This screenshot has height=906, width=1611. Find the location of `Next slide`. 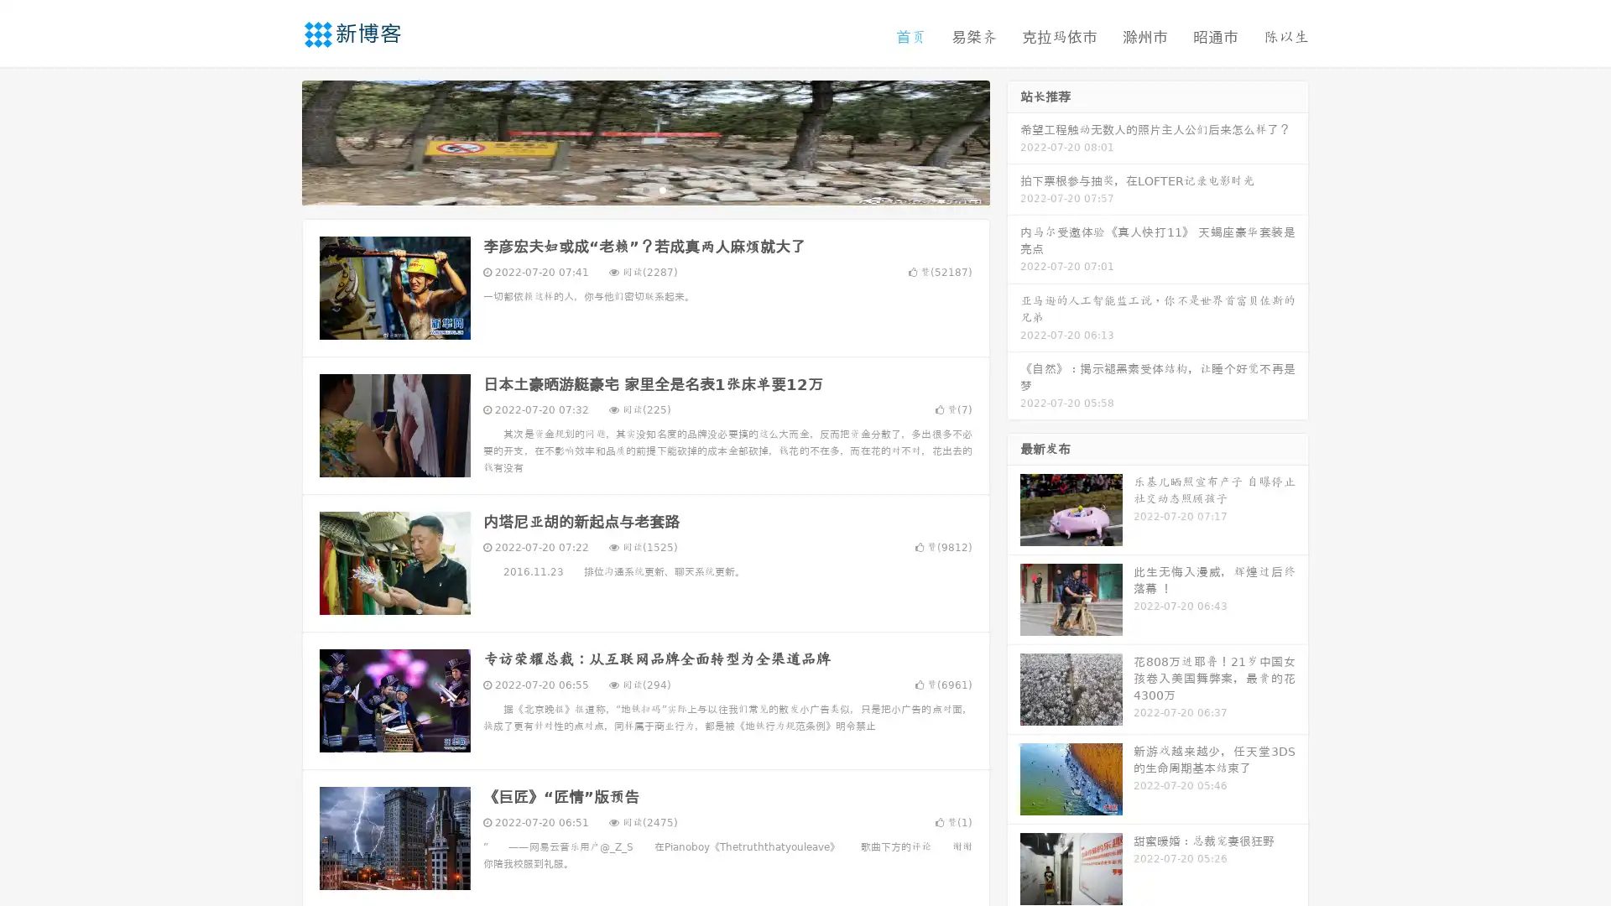

Next slide is located at coordinates (1014, 141).